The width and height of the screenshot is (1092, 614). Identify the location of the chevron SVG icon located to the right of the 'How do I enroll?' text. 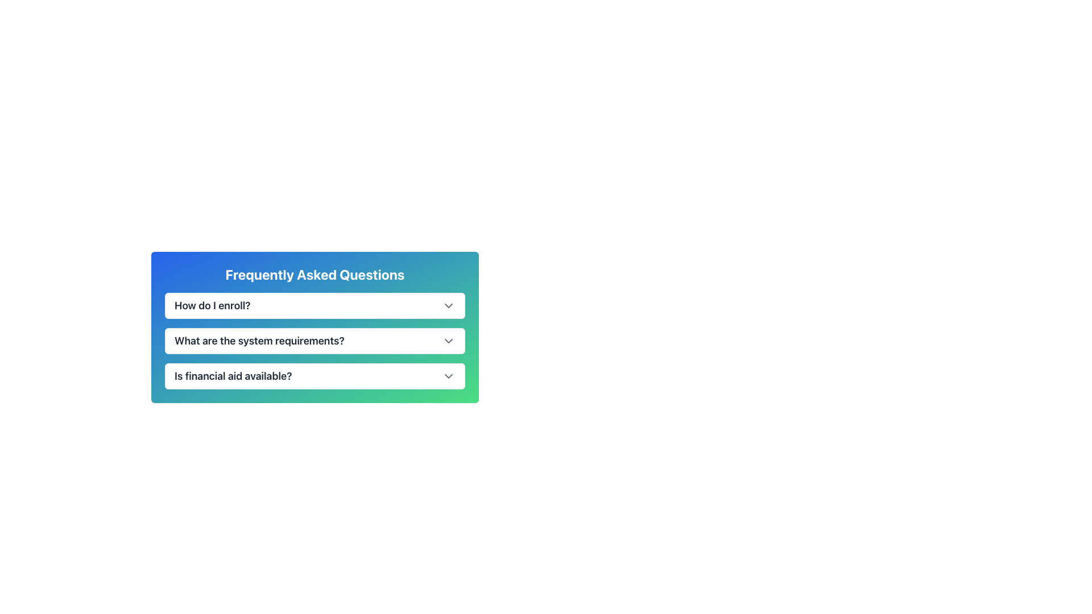
(448, 305).